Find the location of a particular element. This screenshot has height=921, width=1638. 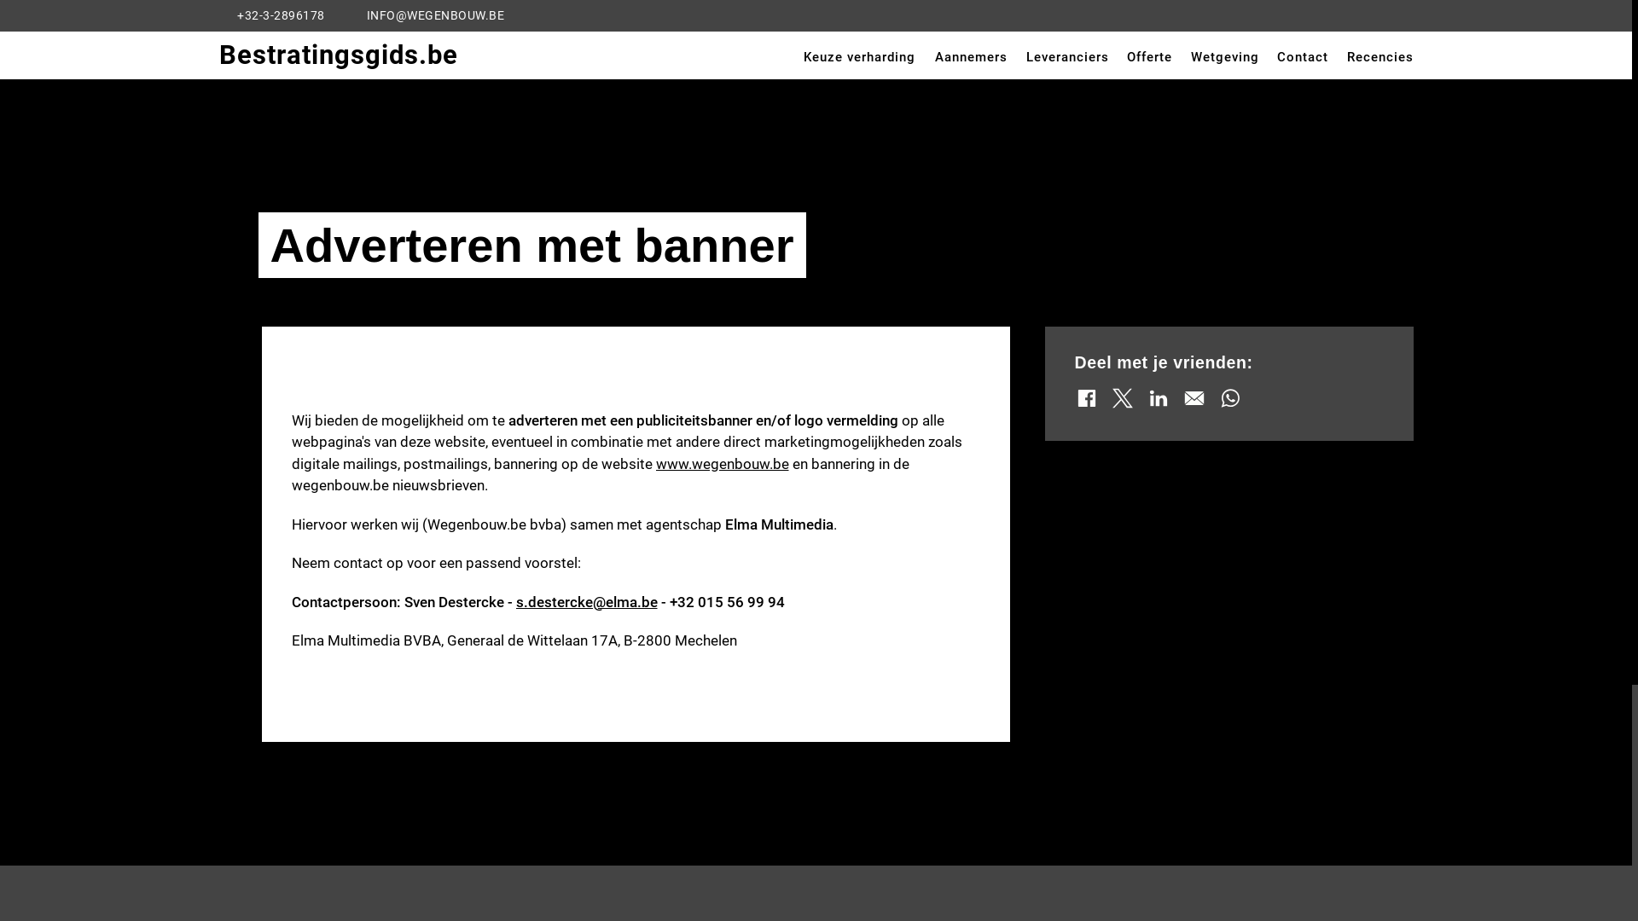

'Share via X' is located at coordinates (1122, 397).